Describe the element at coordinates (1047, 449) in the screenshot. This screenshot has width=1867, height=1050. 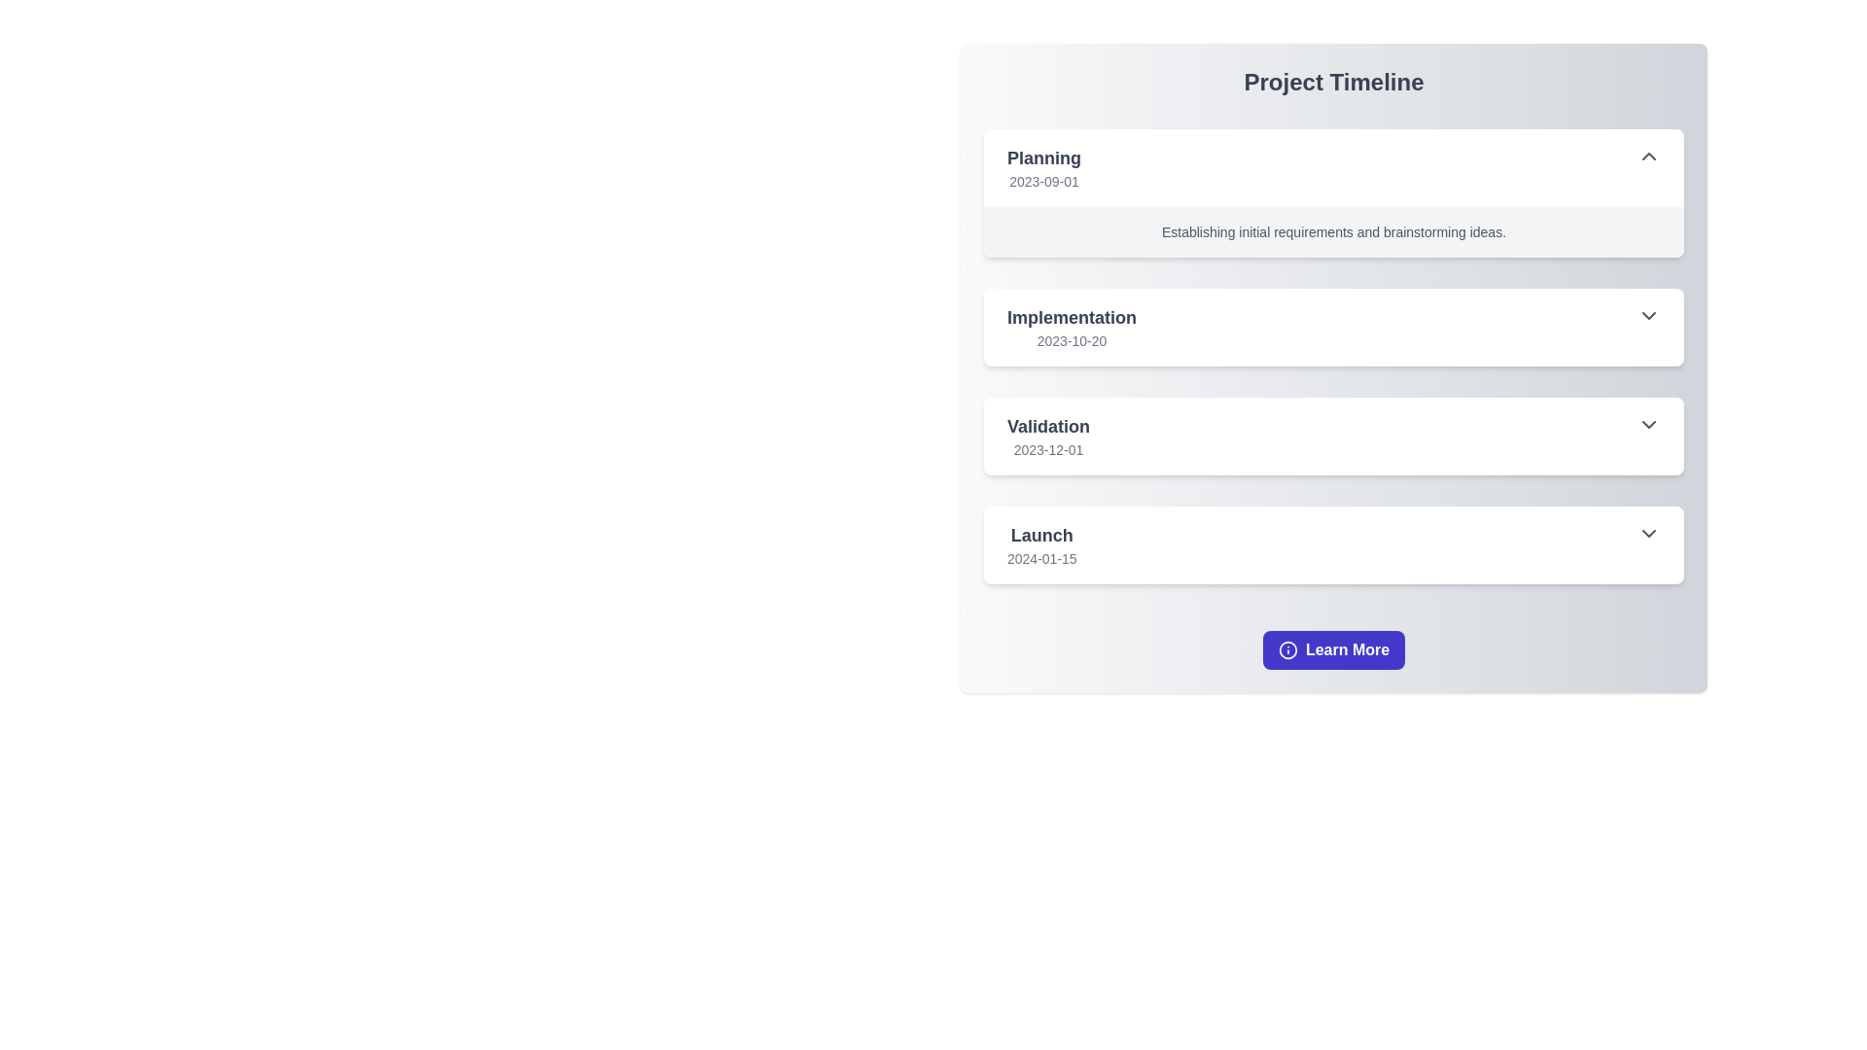
I see `date text displayed as '2023-12-01' located below the bold title 'Validation' in the 'Validation' section of the 'Project Timeline'` at that location.